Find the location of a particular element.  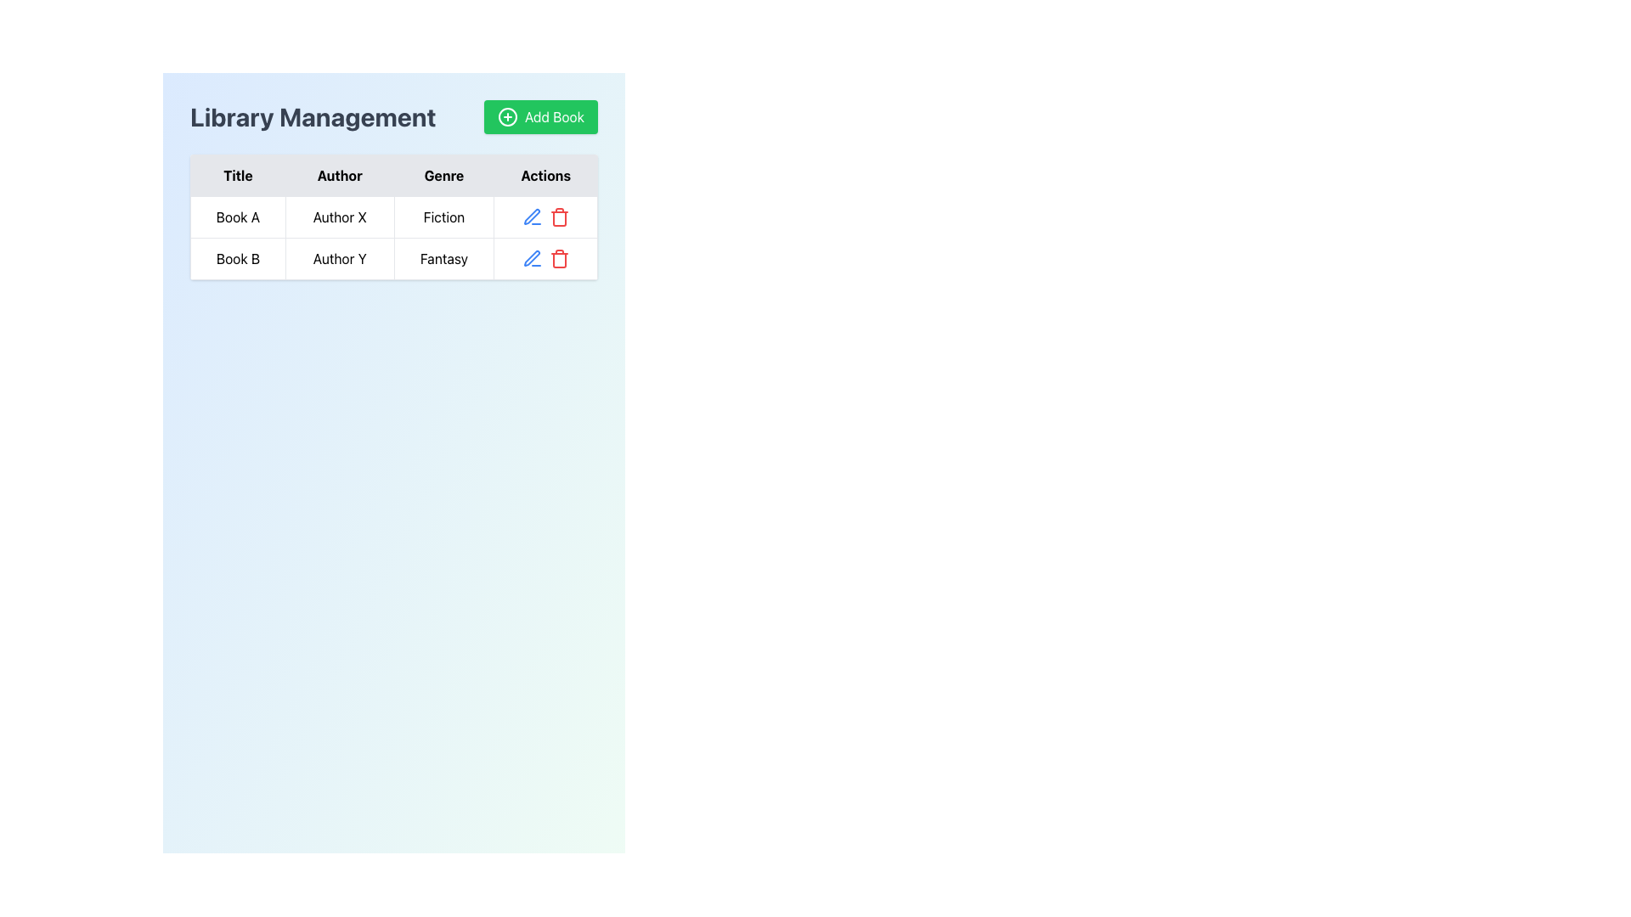

the text display field that shows 'Author Y', located in the second row of the 'Author' column in the 'Library Management' table is located at coordinates (340, 258).